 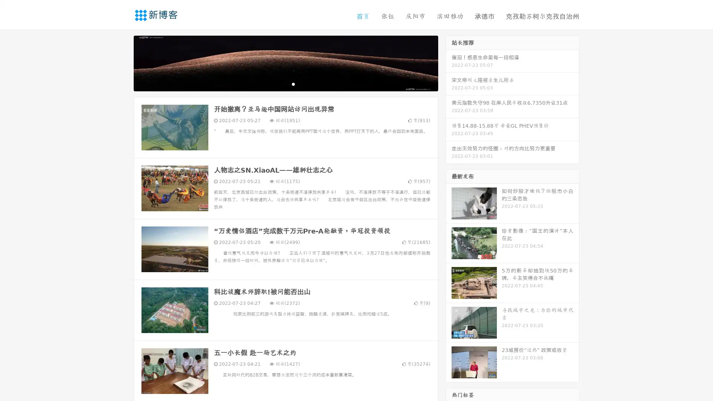 What do you see at coordinates (123, 62) in the screenshot?
I see `Previous slide` at bounding box center [123, 62].